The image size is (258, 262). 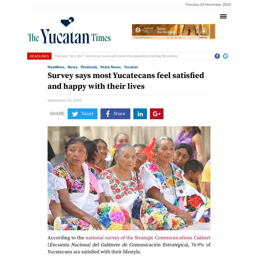 I want to click on 'HEADLINES', so click(x=39, y=56).